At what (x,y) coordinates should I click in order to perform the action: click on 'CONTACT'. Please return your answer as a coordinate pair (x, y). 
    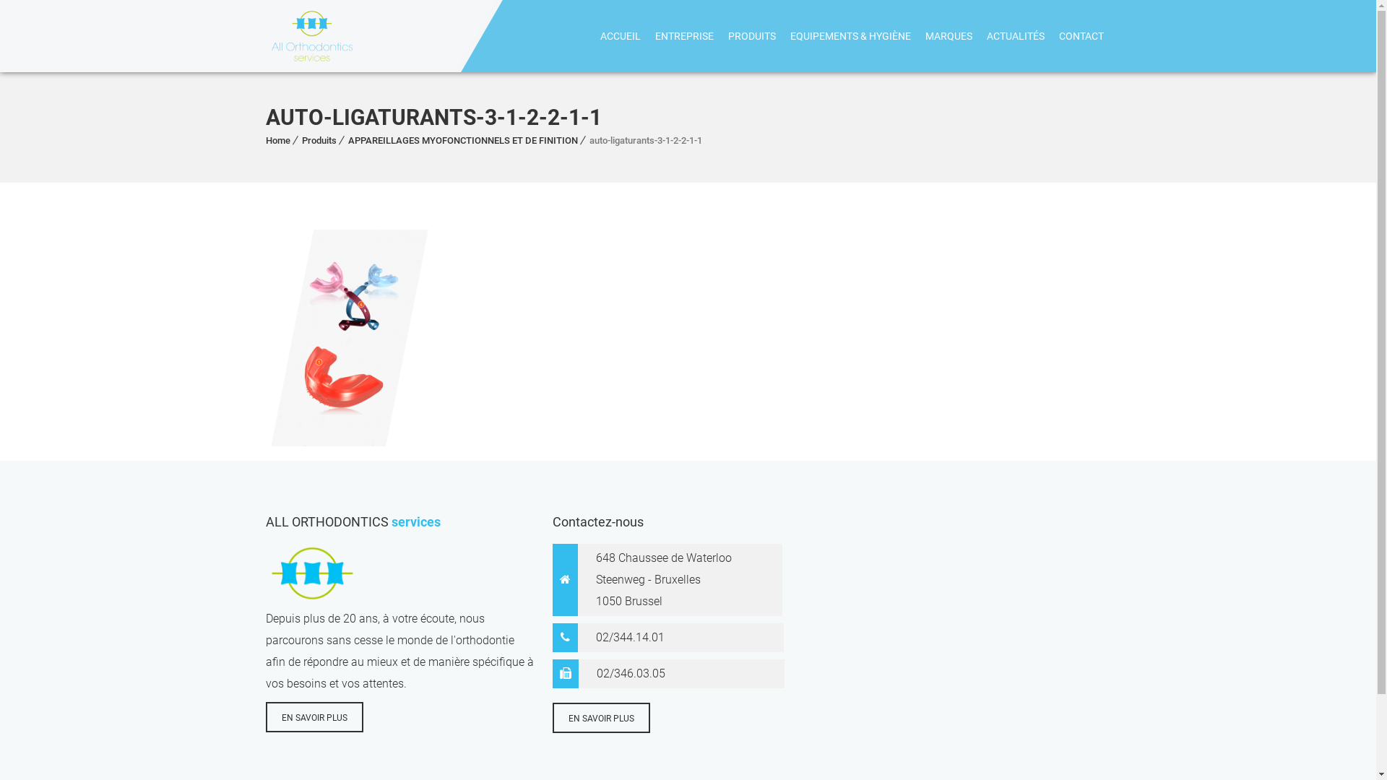
    Looking at the image, I should click on (1081, 35).